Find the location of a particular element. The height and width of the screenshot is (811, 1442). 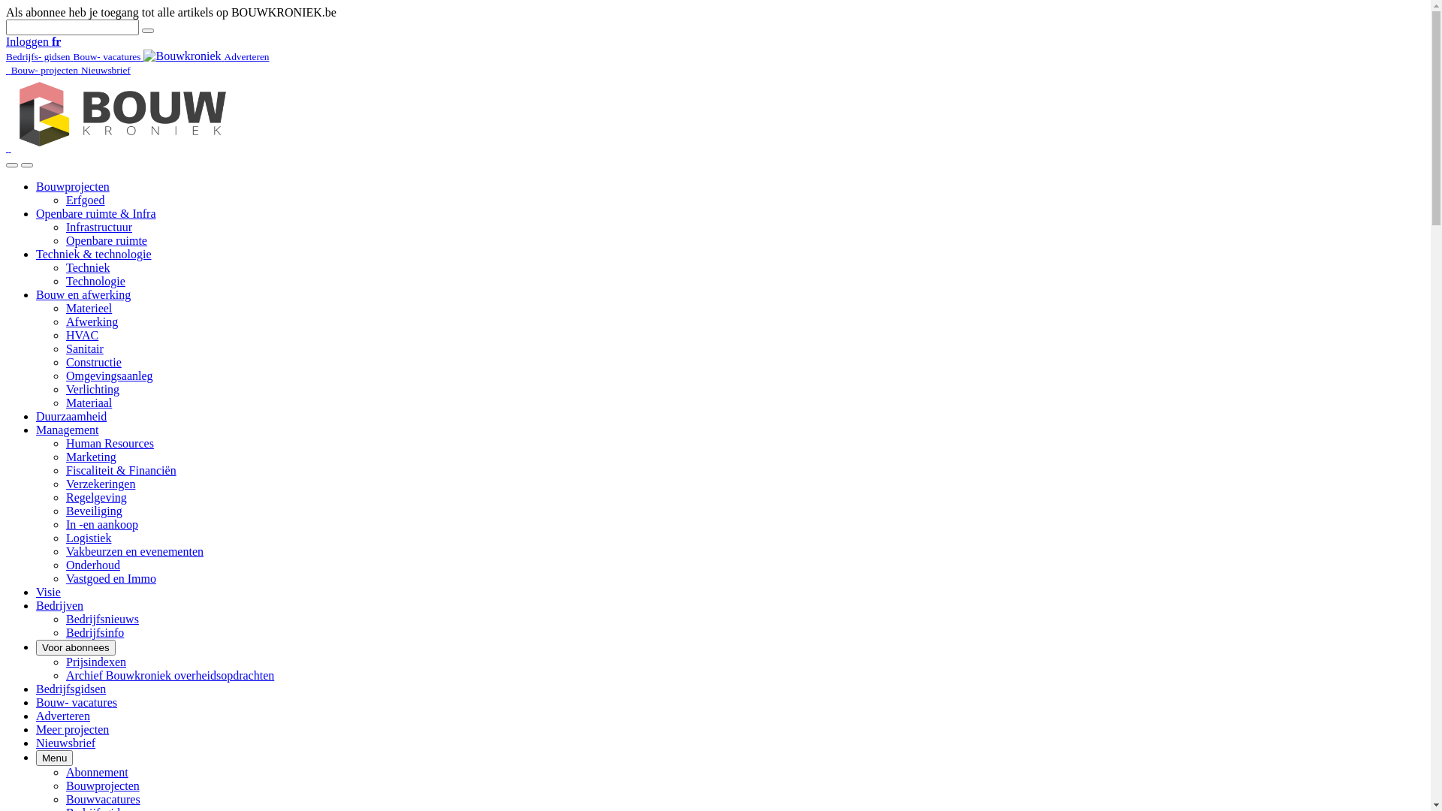

'Vakbeurzen en evenementen' is located at coordinates (134, 551).